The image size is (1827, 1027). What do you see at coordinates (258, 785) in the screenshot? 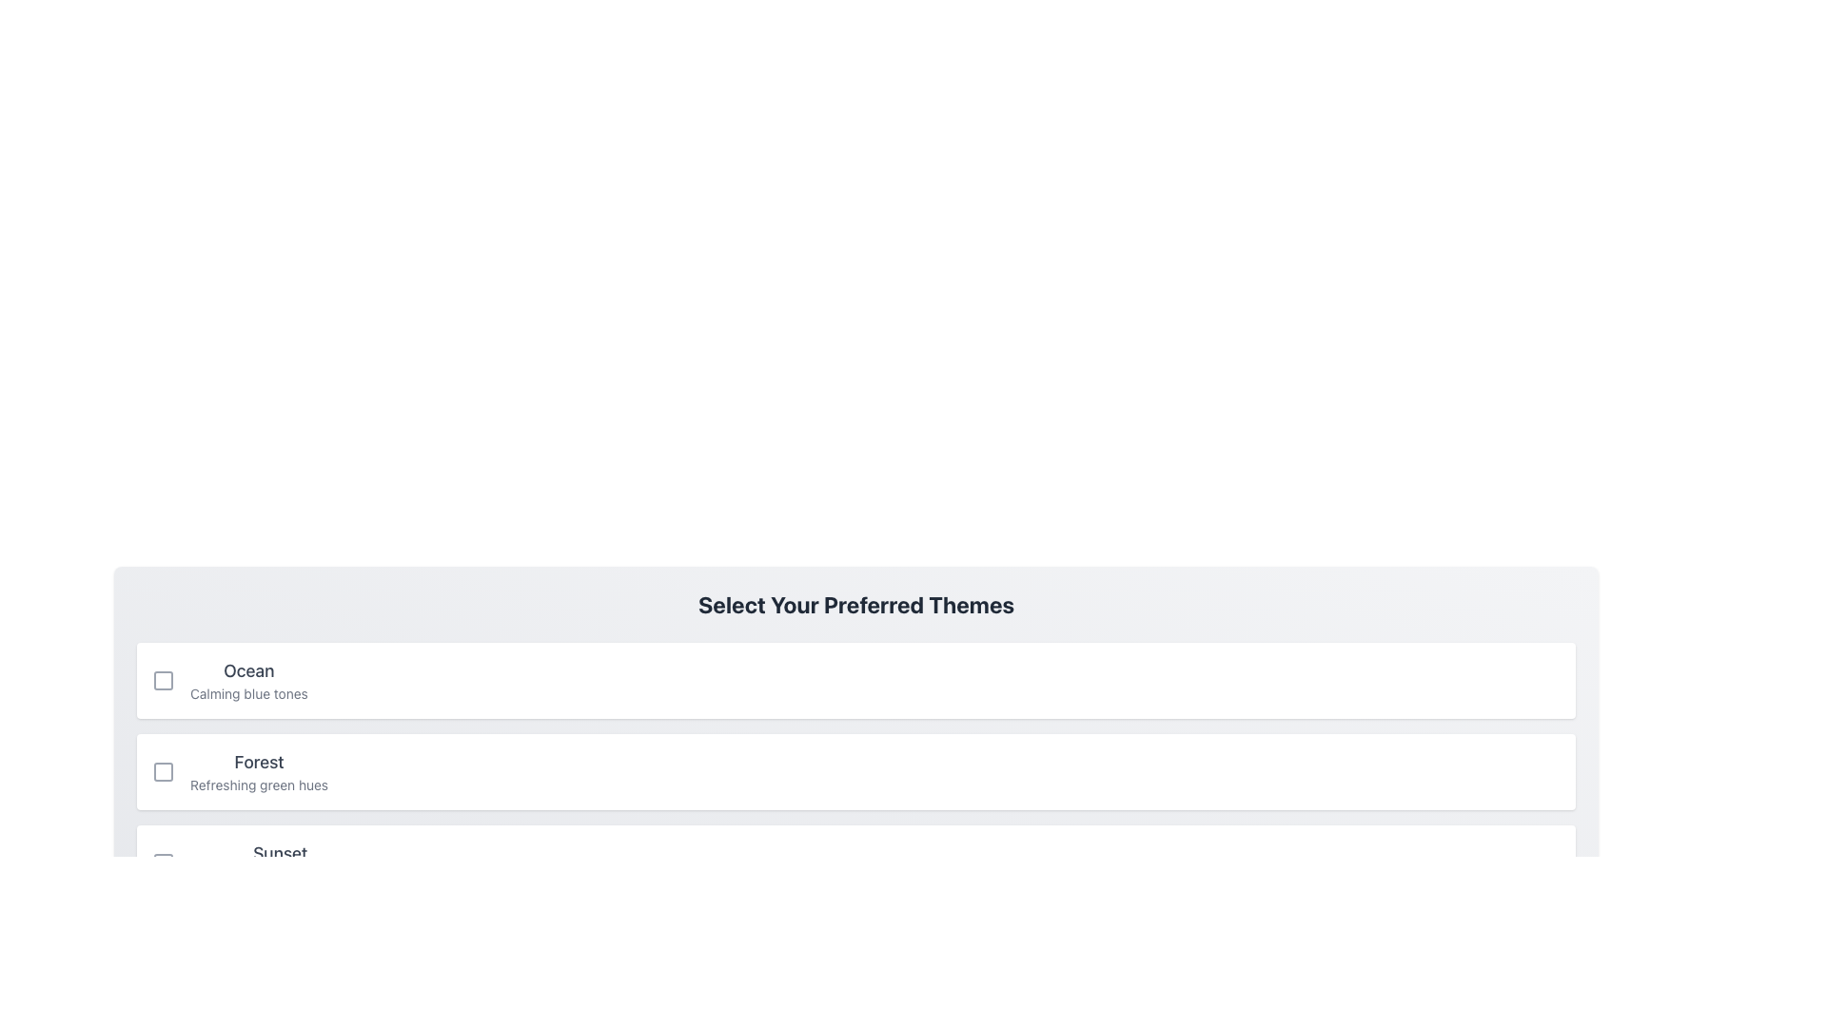
I see `the text label stating 'Refreshing green hues', which is styled in a smaller font size and muted grey color, located directly below the 'Forest' header` at bounding box center [258, 785].